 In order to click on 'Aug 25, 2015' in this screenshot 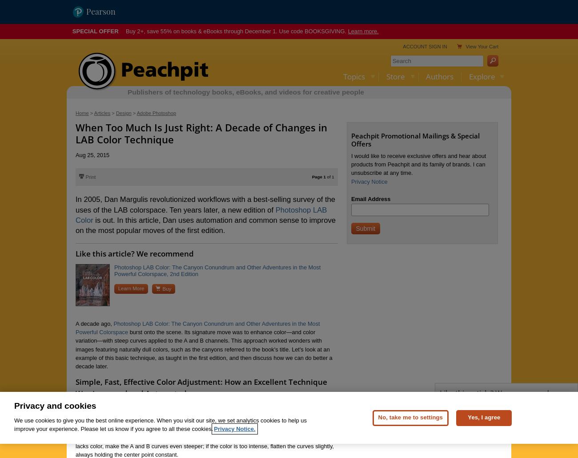, I will do `click(92, 154)`.